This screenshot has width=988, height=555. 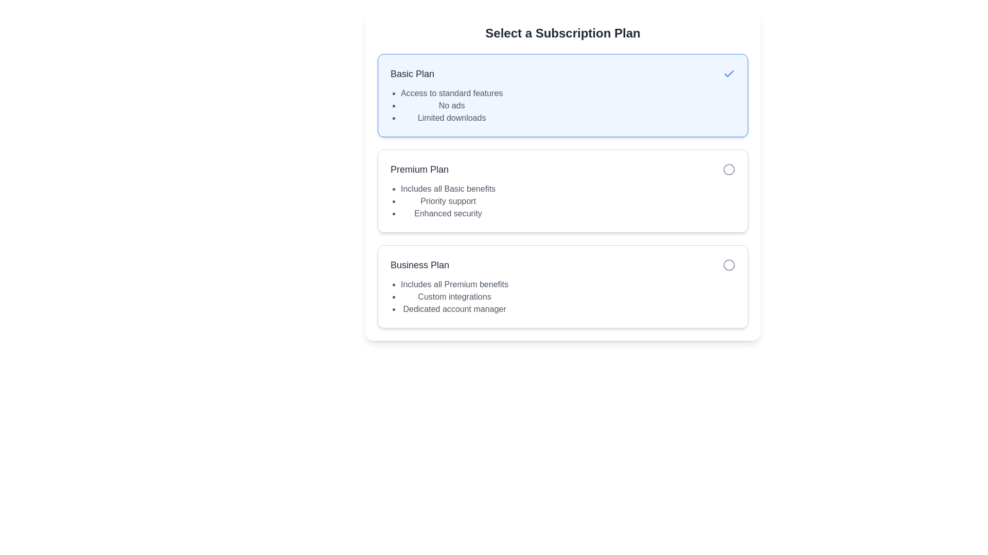 I want to click on the informational text list detailing the features of the 'Premium Plan', which is located beneath the title 'Premium Plan' in the middle section of its card, so click(x=443, y=201).